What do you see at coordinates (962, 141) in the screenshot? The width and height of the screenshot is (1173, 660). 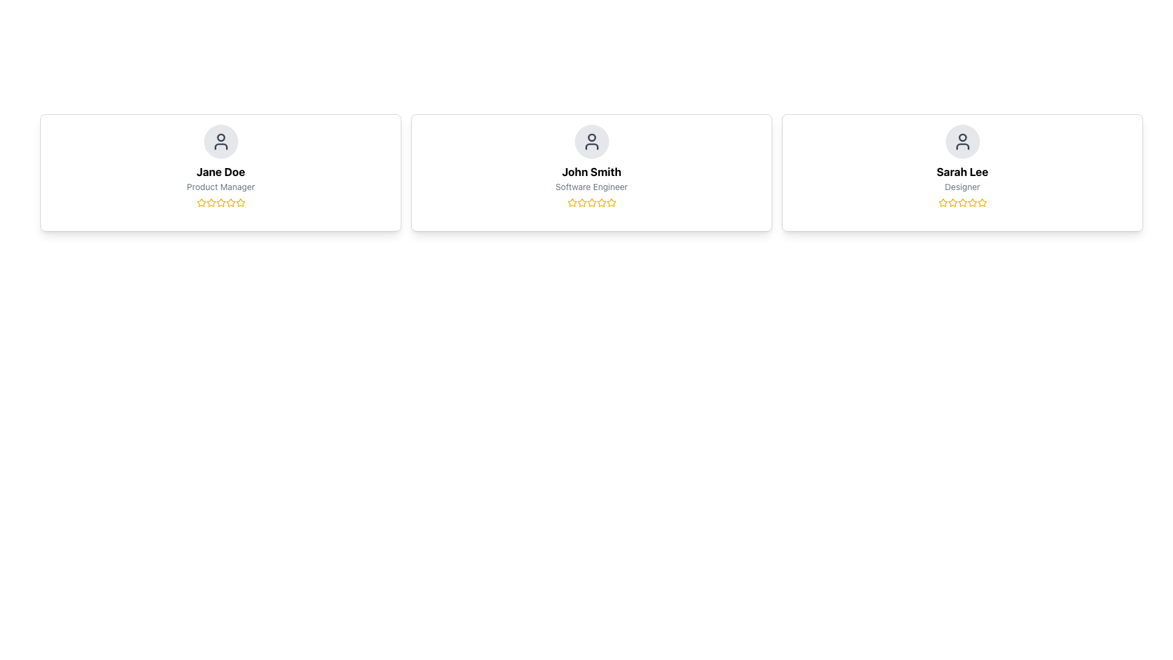 I see `the user silhouette icon, which is styled in gray and located at the top center of the third user profile card, above the label 'Sarah Lee' and the role 'Designer'` at bounding box center [962, 141].